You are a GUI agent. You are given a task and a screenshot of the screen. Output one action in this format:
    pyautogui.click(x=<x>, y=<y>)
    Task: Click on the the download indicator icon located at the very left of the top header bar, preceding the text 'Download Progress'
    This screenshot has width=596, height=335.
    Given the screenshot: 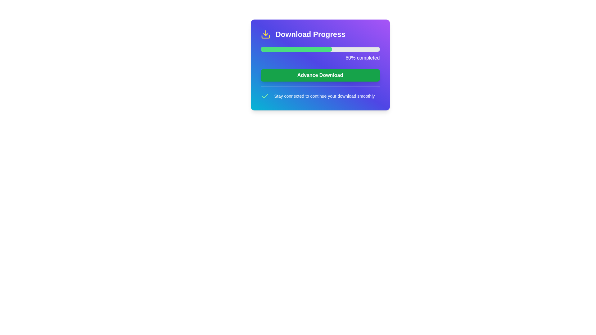 What is the action you would take?
    pyautogui.click(x=265, y=34)
    